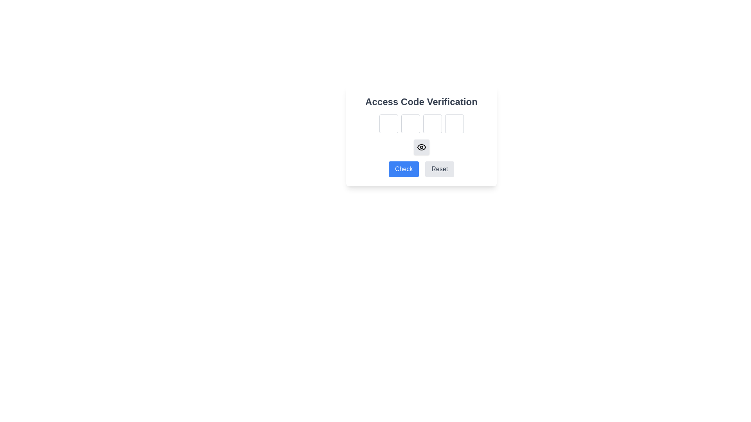 The width and height of the screenshot is (751, 422). Describe the element at coordinates (421, 147) in the screenshot. I see `the visibility toggle button located beneath the verification code input fields` at that location.